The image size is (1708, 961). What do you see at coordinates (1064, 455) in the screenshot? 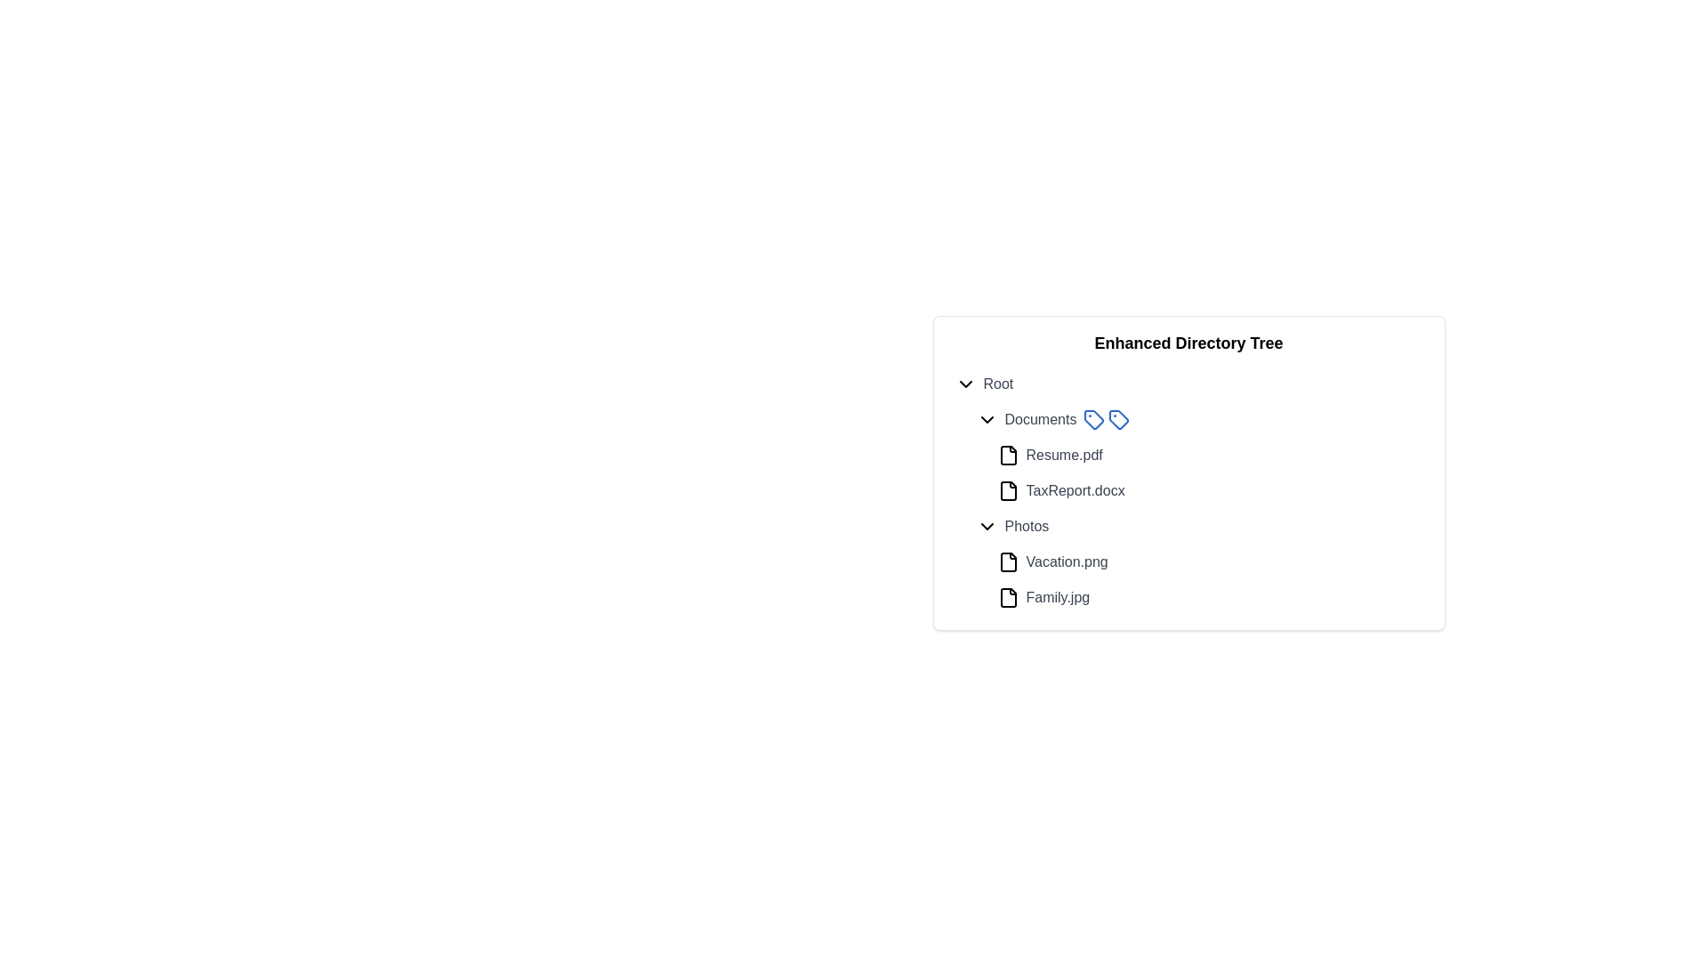
I see `the 'Resume.pdf' text label in the directory listing` at bounding box center [1064, 455].